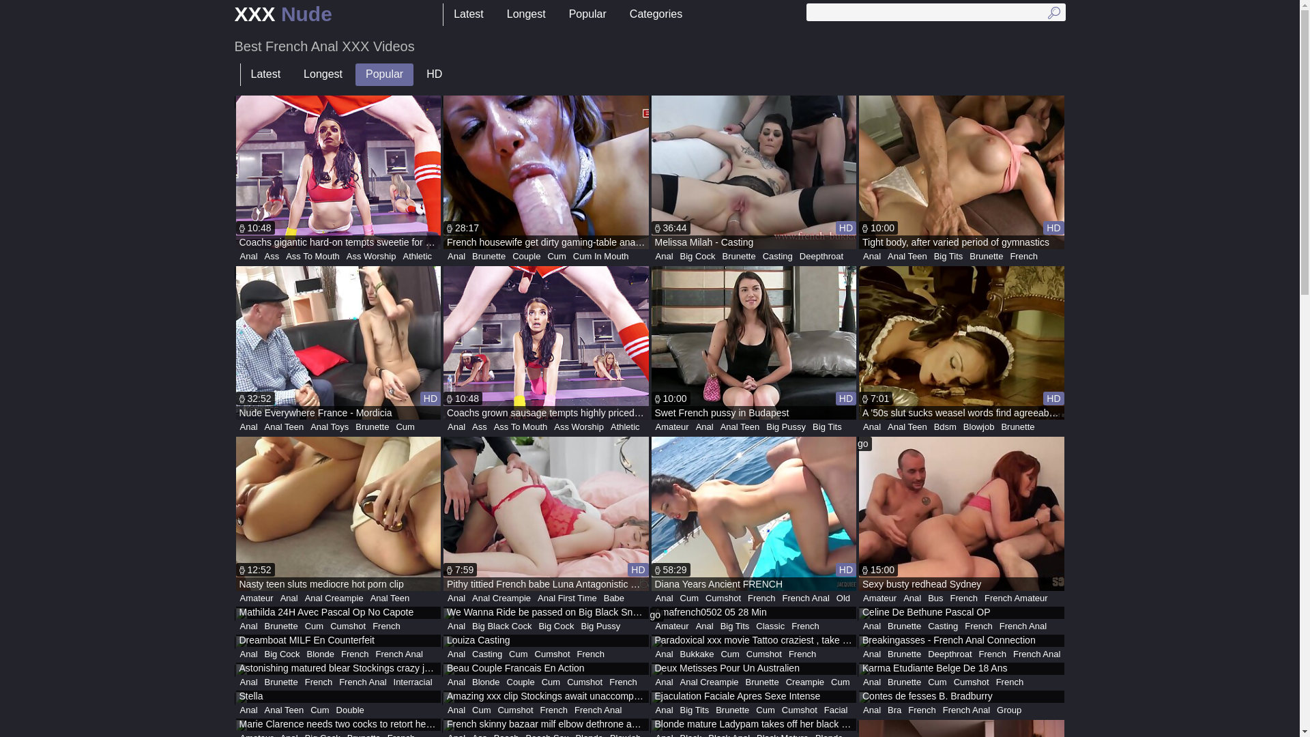 This screenshot has height=737, width=1310. I want to click on 'XXX Nude', so click(282, 14).